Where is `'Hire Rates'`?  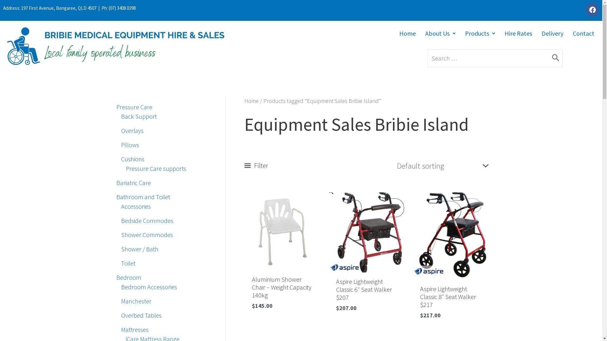 'Hire Rates' is located at coordinates (499, 33).